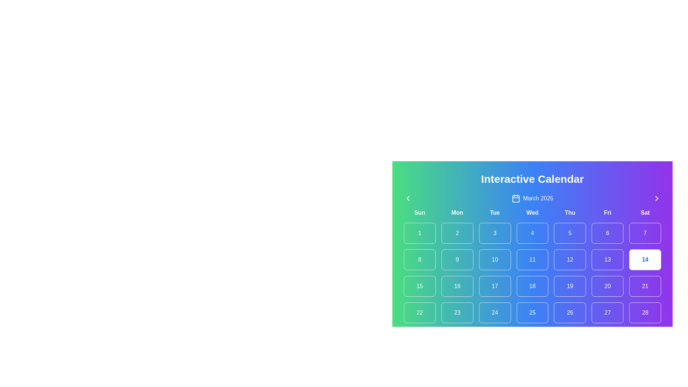 This screenshot has width=688, height=387. I want to click on the selectable calendar day representing the 22nd day in the calendar, located in the fifth row and first column, so click(420, 312).